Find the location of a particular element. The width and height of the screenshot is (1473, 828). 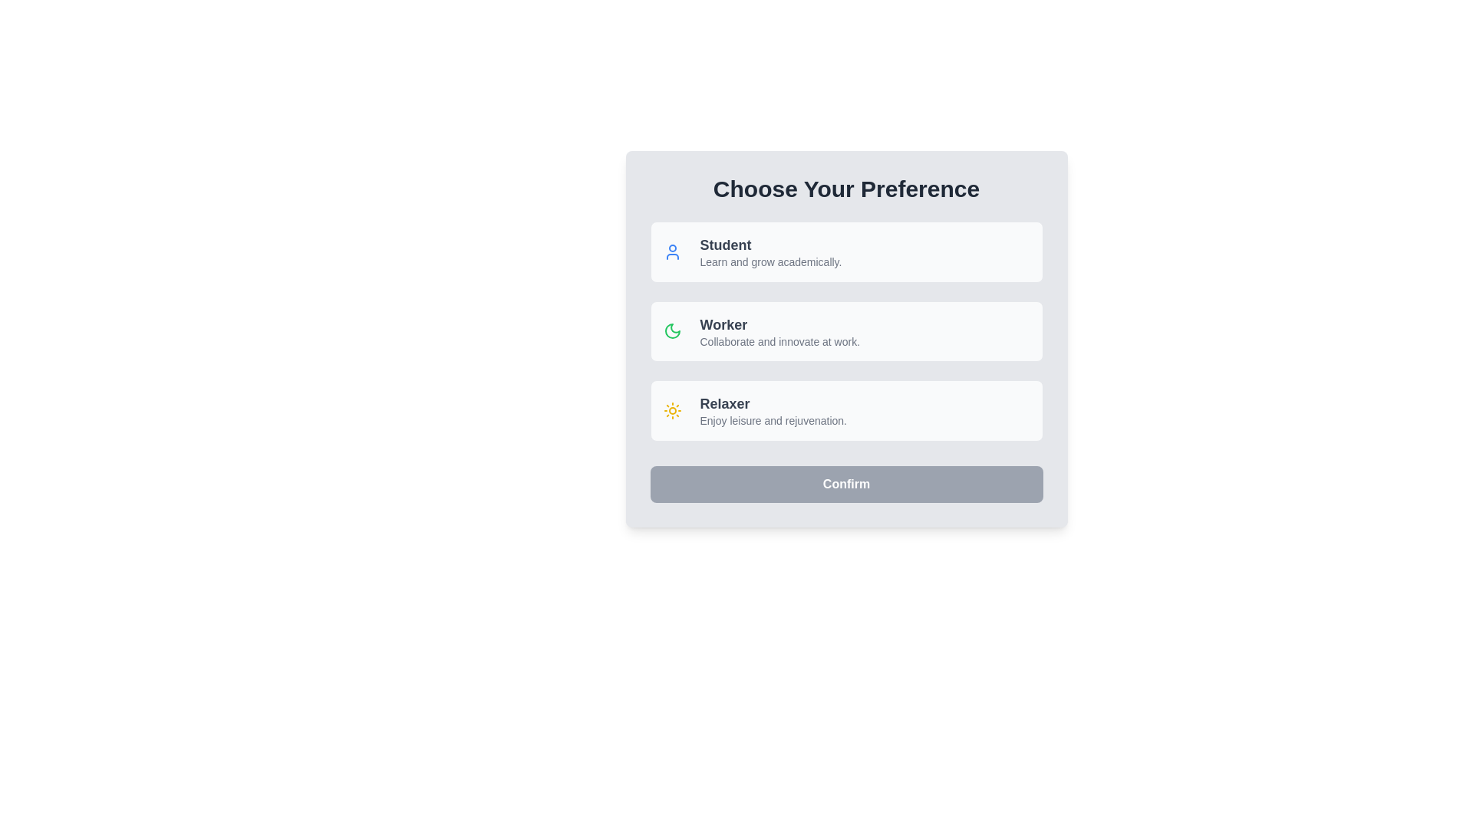

the descriptive text element that provides details about the selection option labeled 'Relaxer', located below the title 'Relaxer' in the bottom section of a vertically stacked list of cards is located at coordinates (773, 421).